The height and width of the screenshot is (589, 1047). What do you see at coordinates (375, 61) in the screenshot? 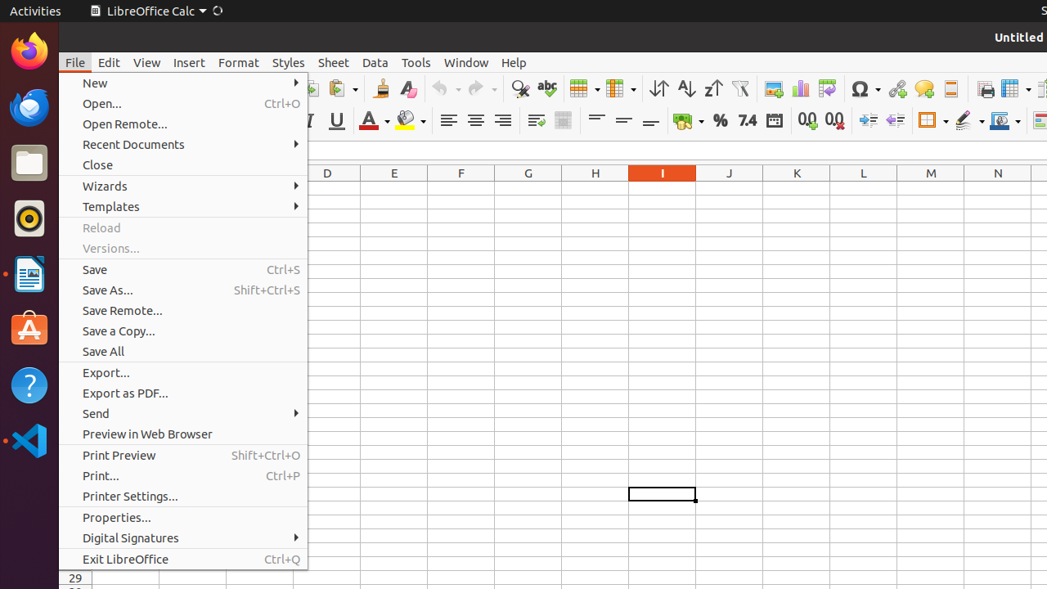
I see `'Data'` at bounding box center [375, 61].